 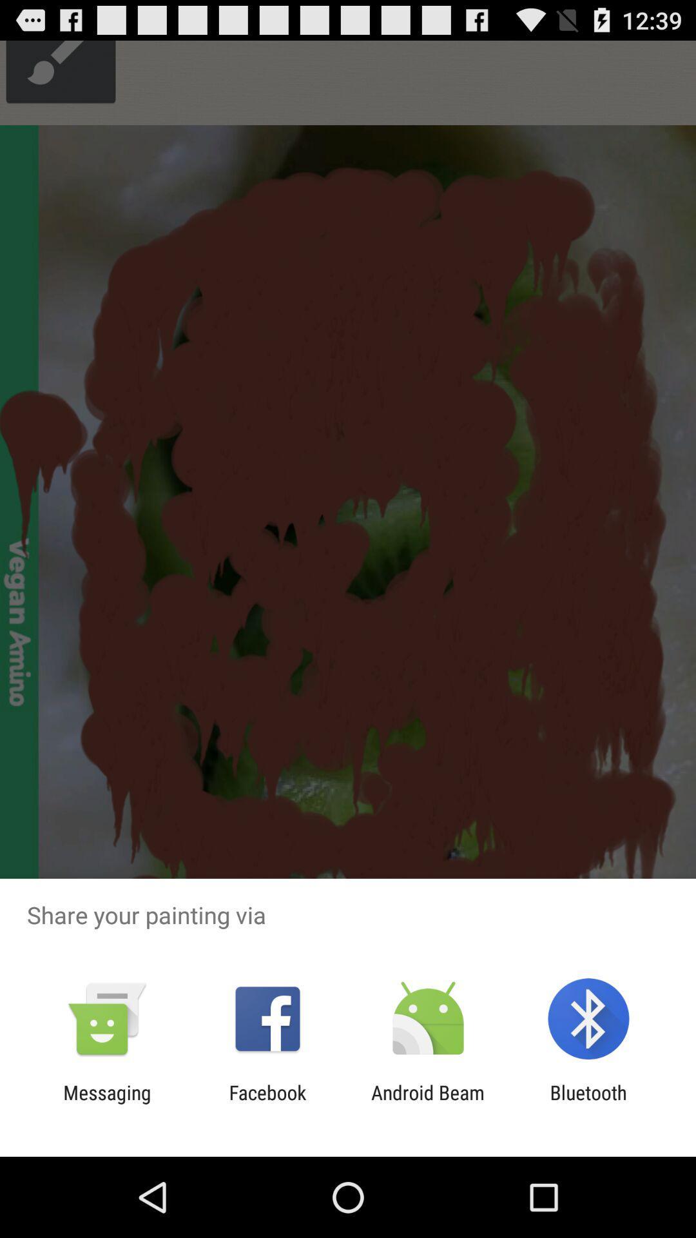 What do you see at coordinates (428, 1103) in the screenshot?
I see `android beam app` at bounding box center [428, 1103].